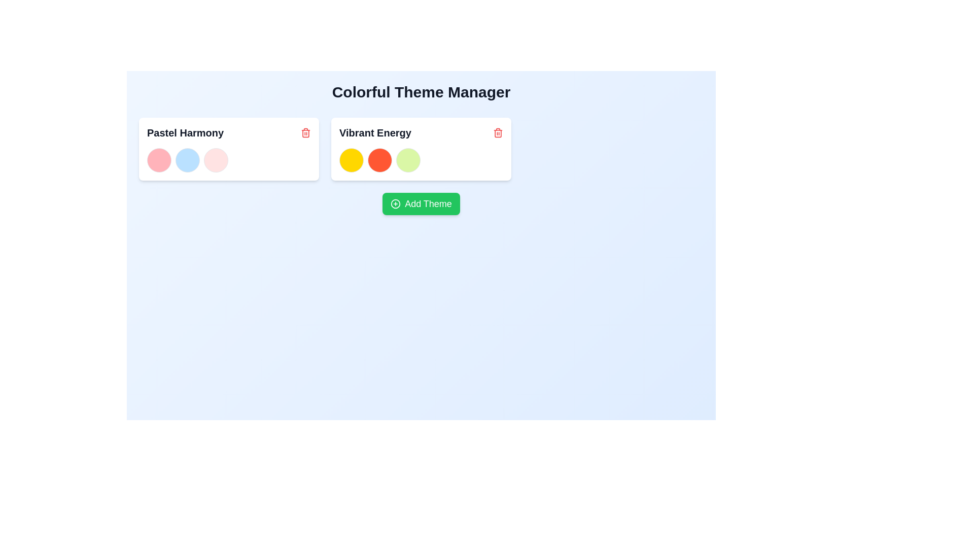  Describe the element at coordinates (498, 132) in the screenshot. I see `the red trash bin icon button located in the top-right corner of the 'Vibrant Energy' card` at that location.